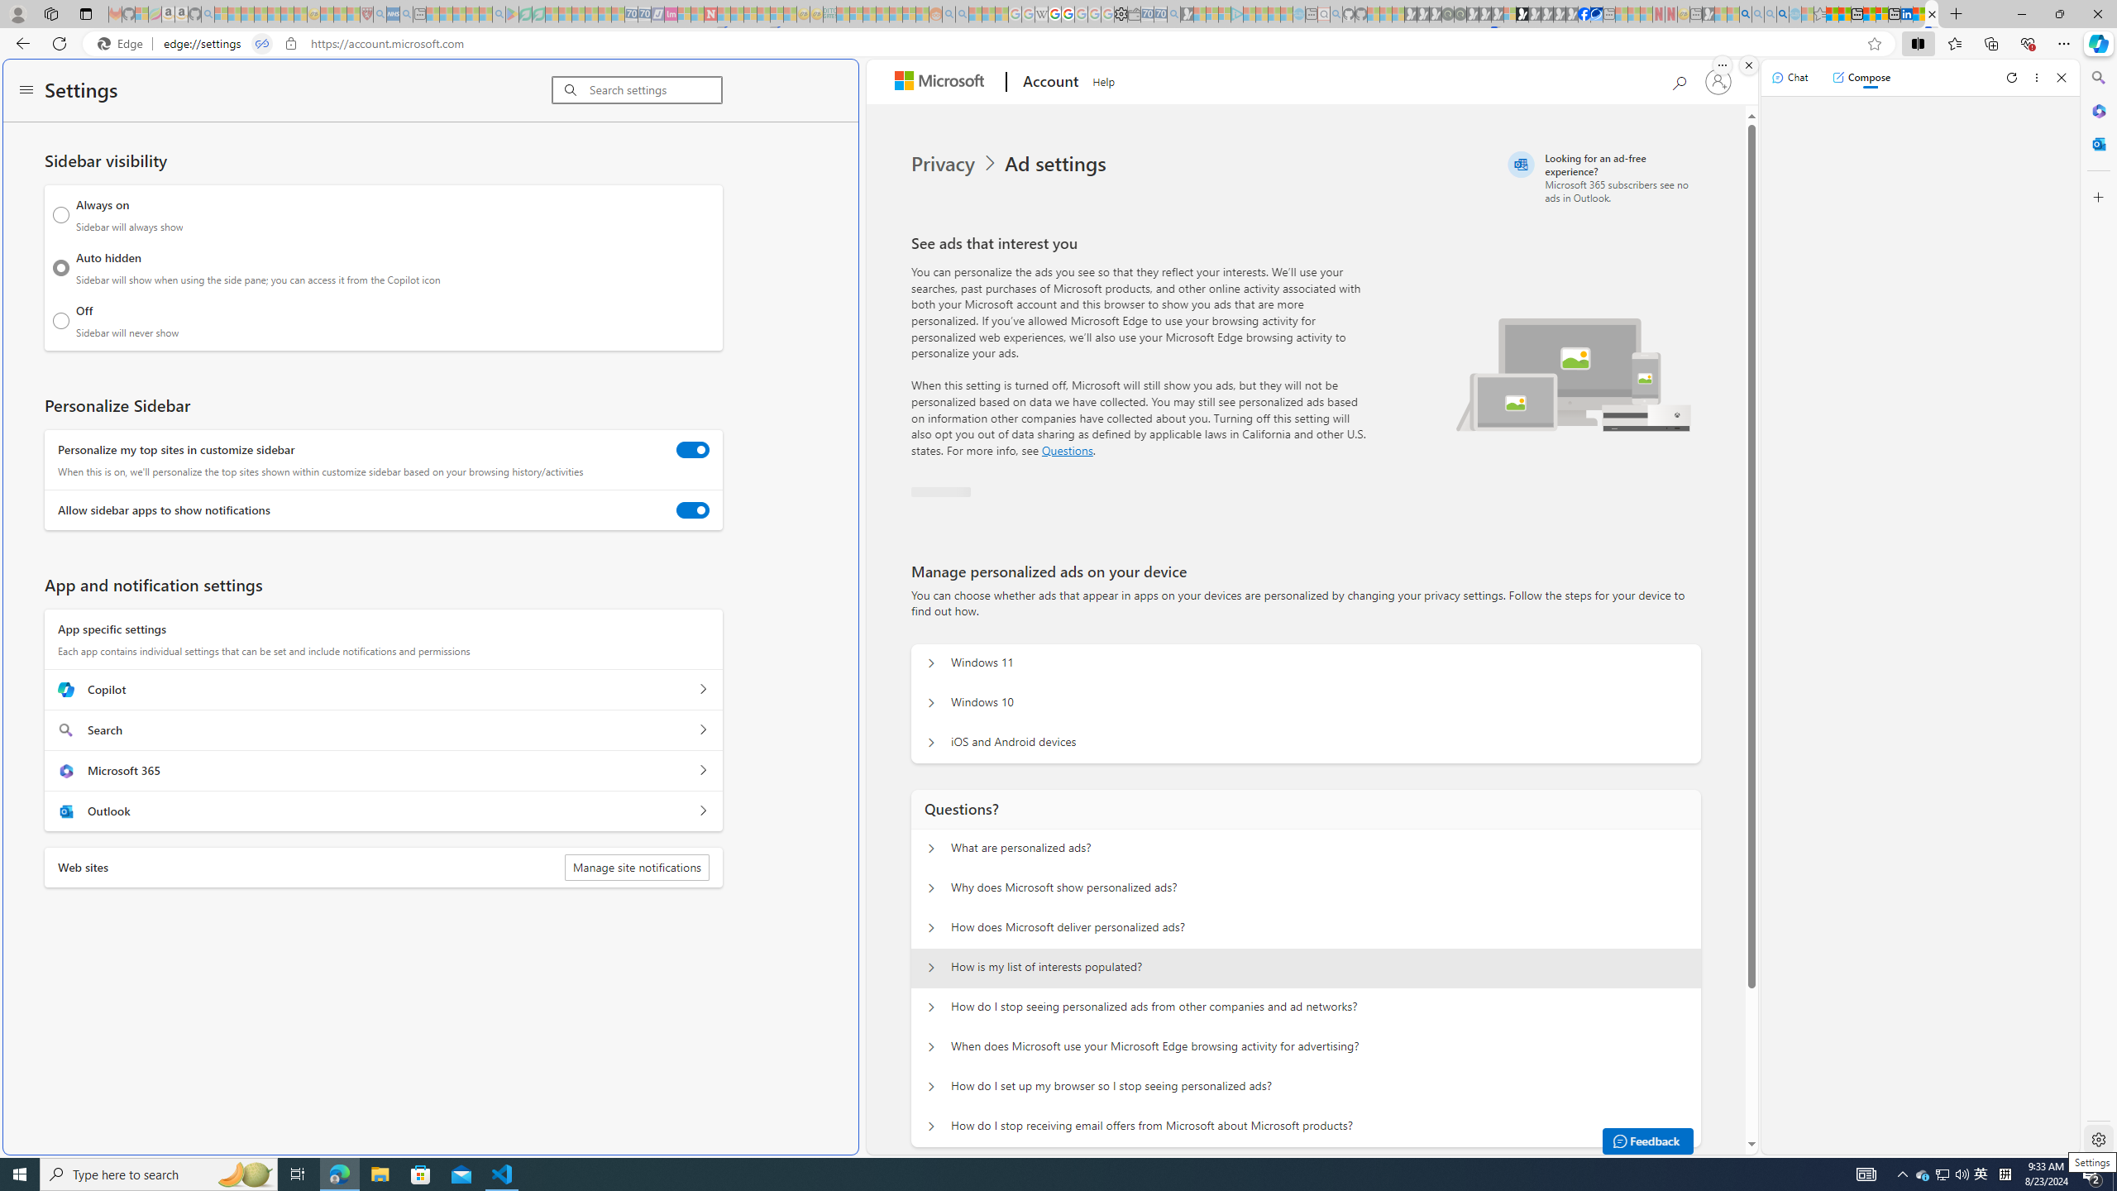 This screenshot has height=1191, width=2117. I want to click on 'Account', so click(1048, 82).